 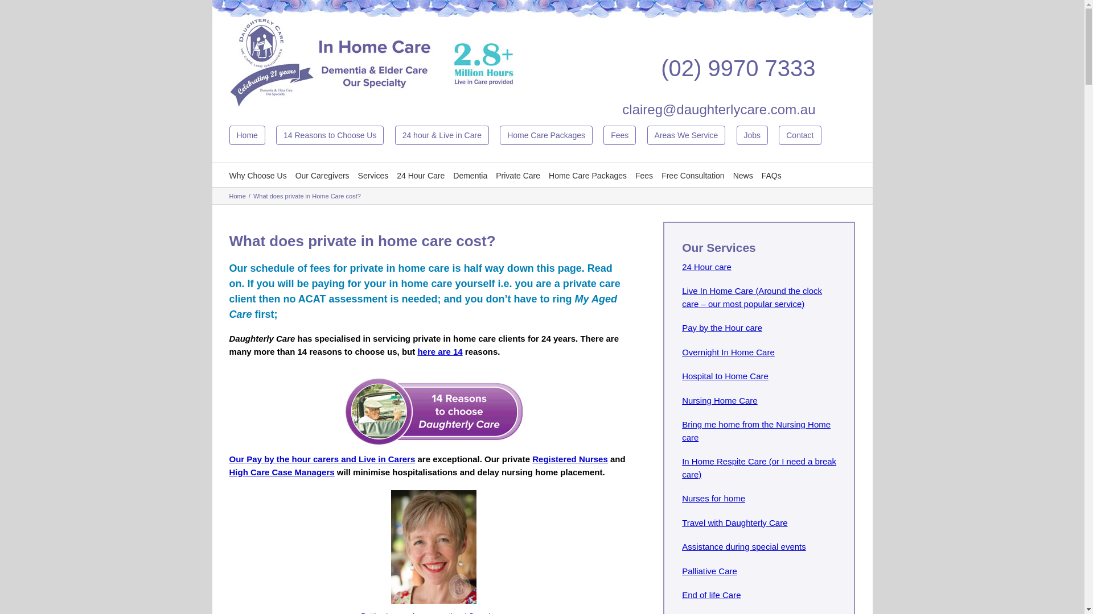 I want to click on 'FAQs', so click(x=771, y=175).